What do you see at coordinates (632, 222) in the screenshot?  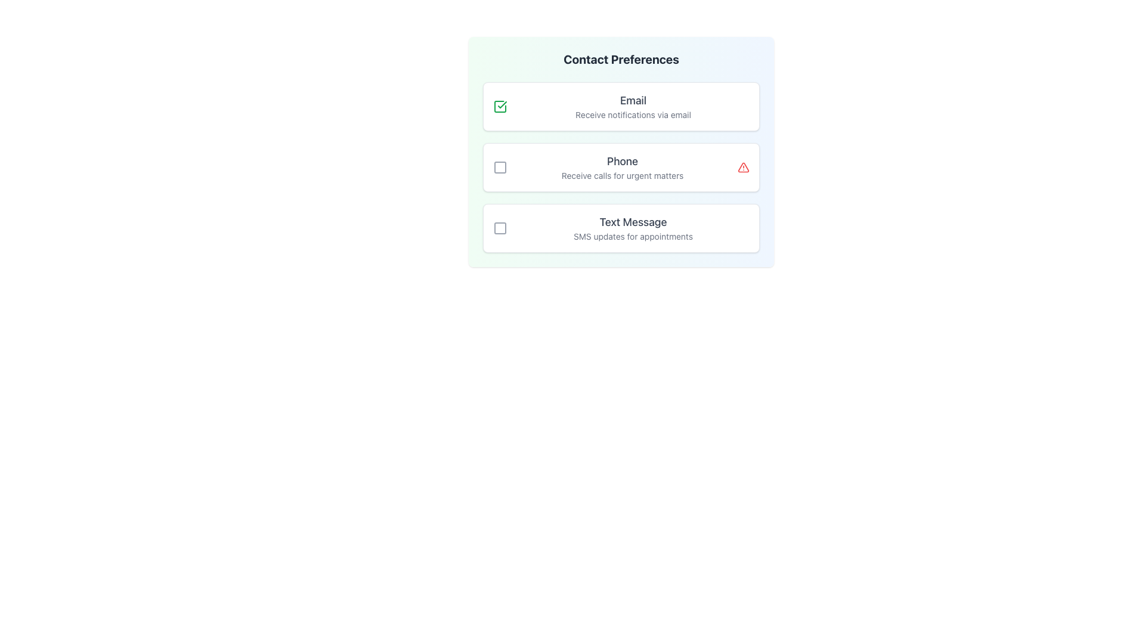 I see `the Text Label displaying 'Text Message' in bold, gray font located in the lower portion of the box in the 'Contact Preferences' interface` at bounding box center [632, 222].